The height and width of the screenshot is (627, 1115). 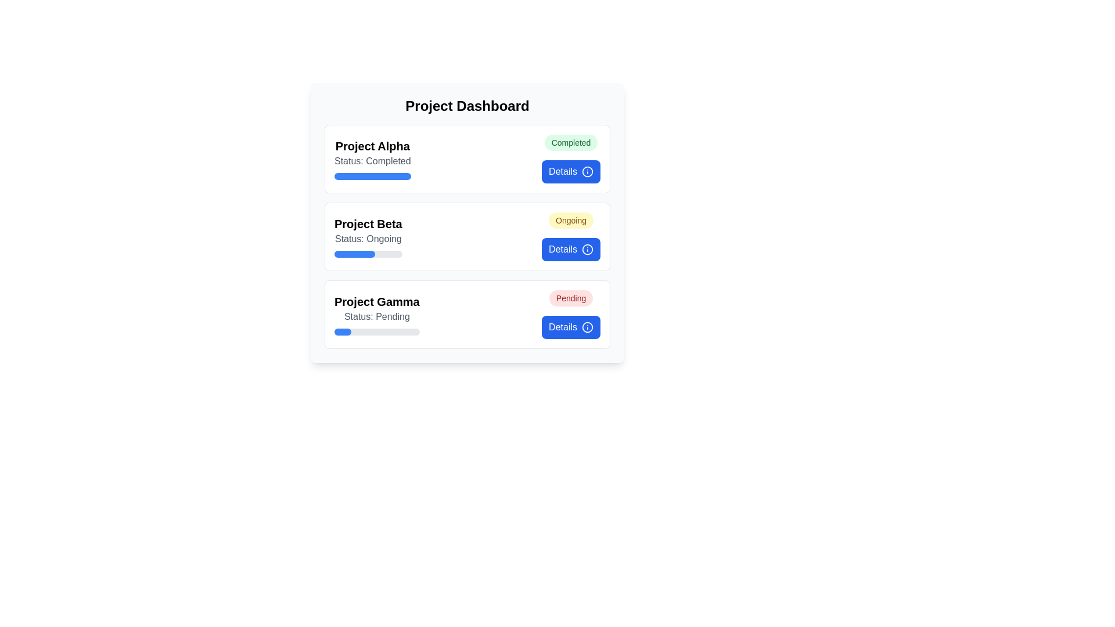 What do you see at coordinates (377, 315) in the screenshot?
I see `the 'Project Gamma' text label, which displays the project name and status, located on the third card in a vertical list of project cards` at bounding box center [377, 315].